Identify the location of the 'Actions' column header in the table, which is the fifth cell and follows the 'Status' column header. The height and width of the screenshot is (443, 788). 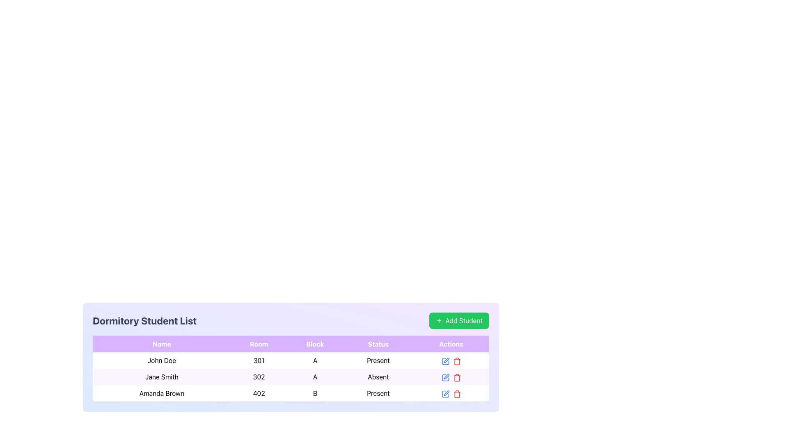
(451, 344).